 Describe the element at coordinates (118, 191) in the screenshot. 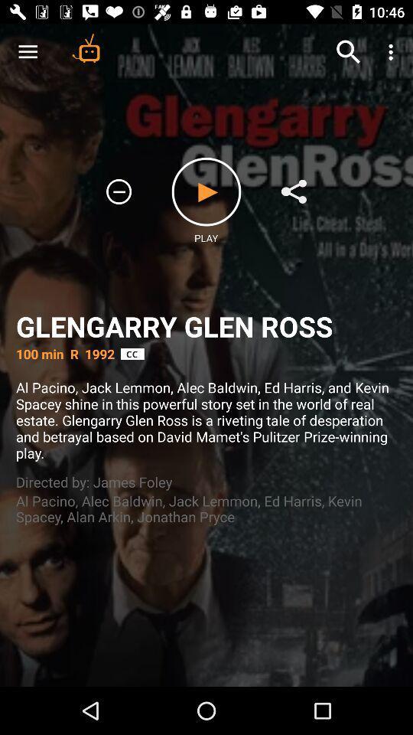

I see `the minus icon` at that location.